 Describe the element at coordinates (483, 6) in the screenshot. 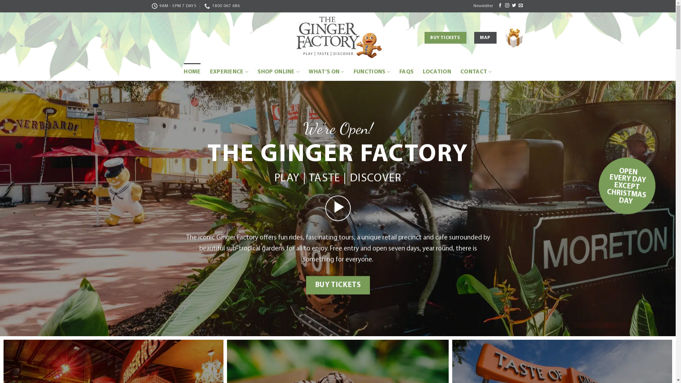

I see `'Newsletter'` at that location.